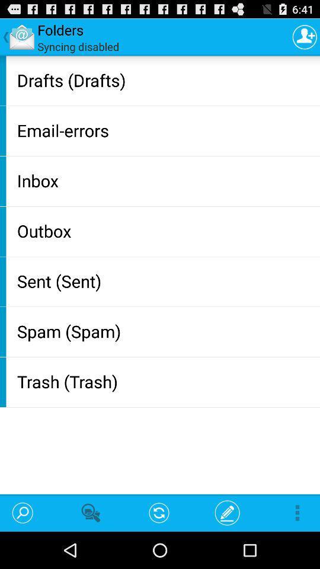 This screenshot has width=320, height=569. I want to click on item below the spam (spam) item, so click(165, 381).